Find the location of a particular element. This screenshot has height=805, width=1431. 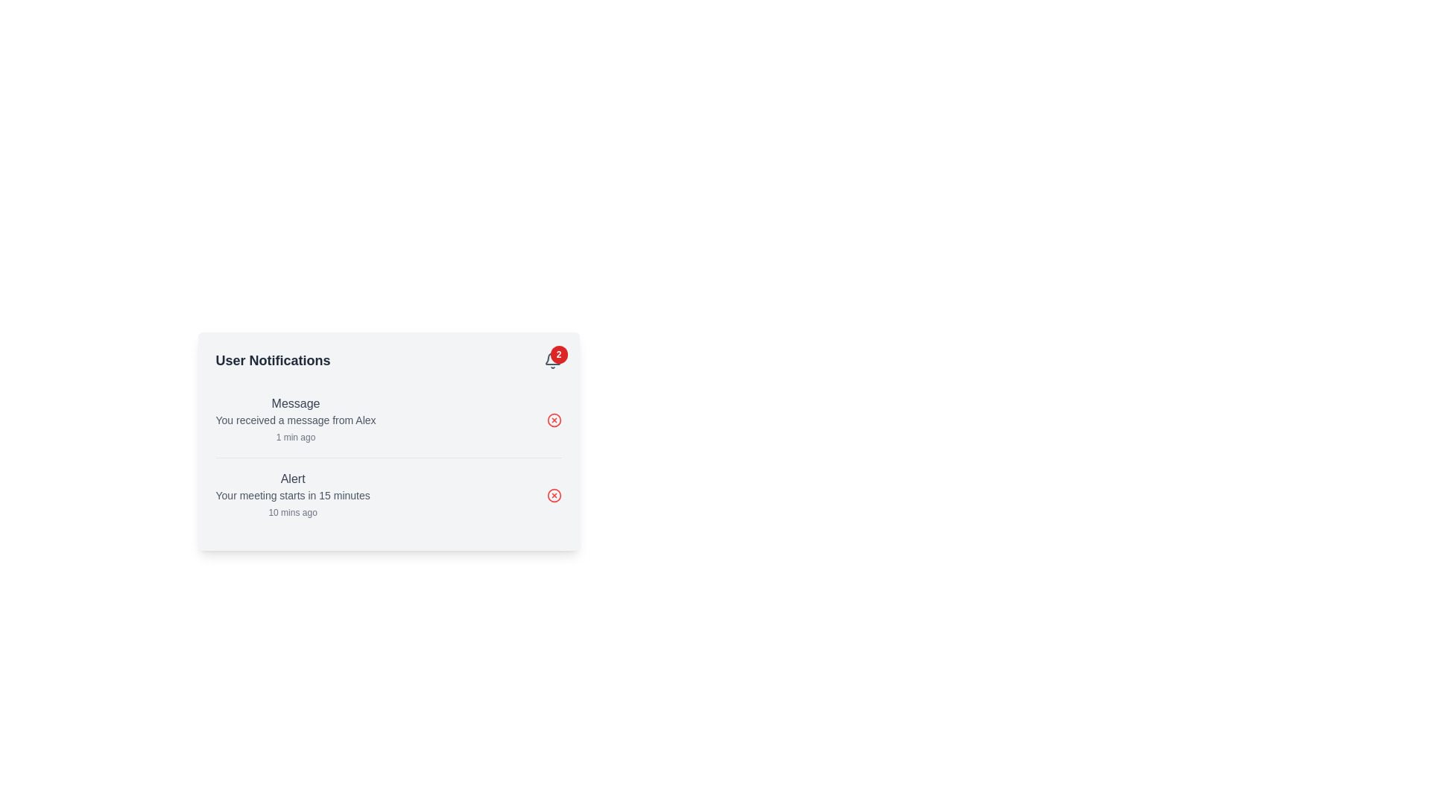

text label displaying '1 min ago' located in the bottom-right section of the notifications panel is located at coordinates (296, 436).